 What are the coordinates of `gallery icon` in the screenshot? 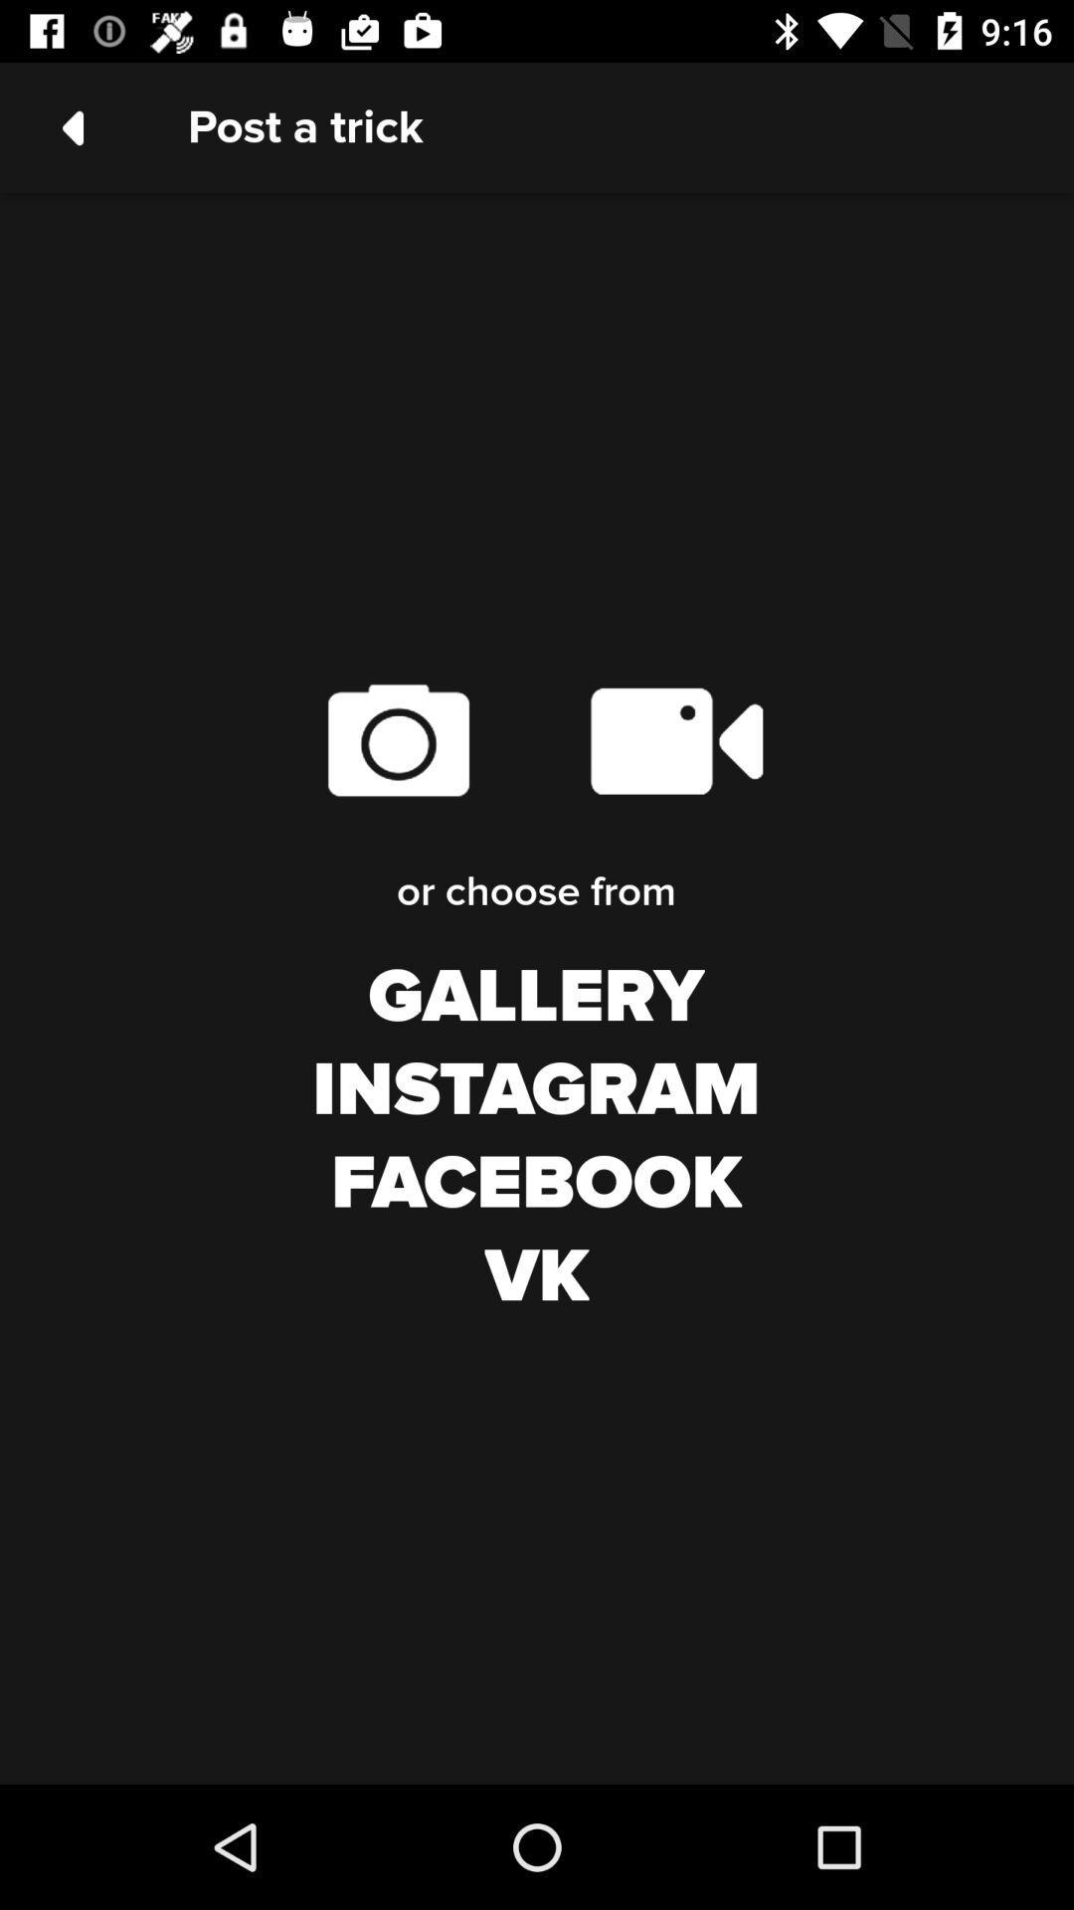 It's located at (535, 998).